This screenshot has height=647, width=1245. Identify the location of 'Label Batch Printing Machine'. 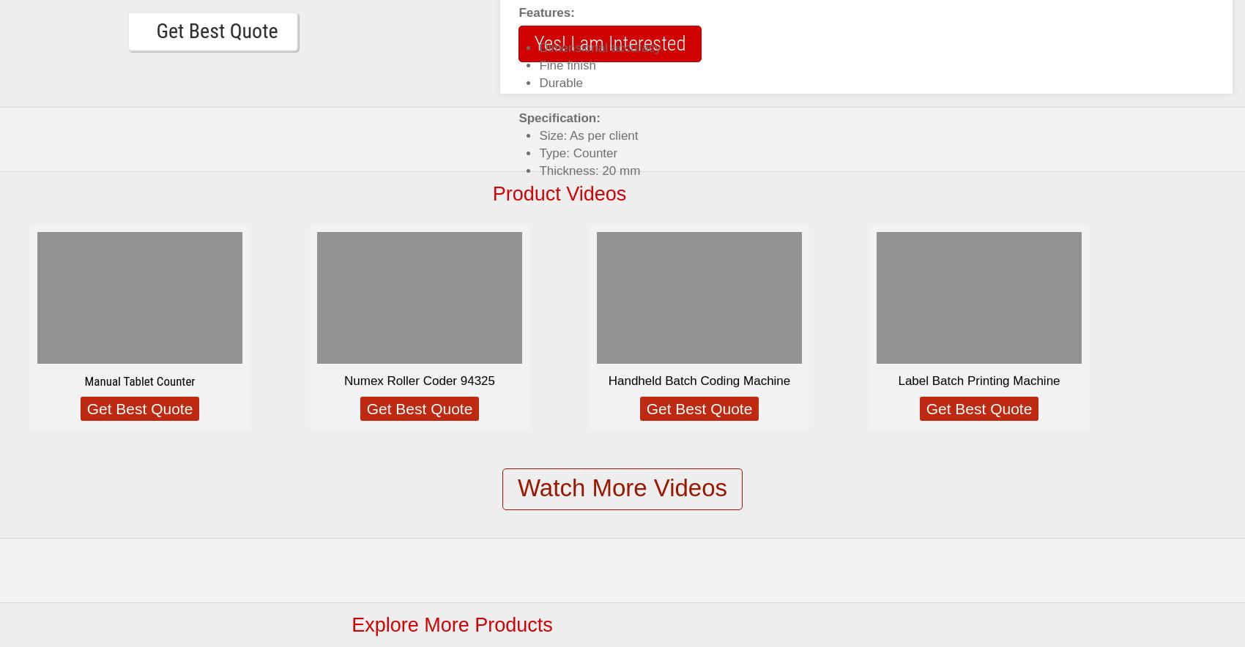
(978, 381).